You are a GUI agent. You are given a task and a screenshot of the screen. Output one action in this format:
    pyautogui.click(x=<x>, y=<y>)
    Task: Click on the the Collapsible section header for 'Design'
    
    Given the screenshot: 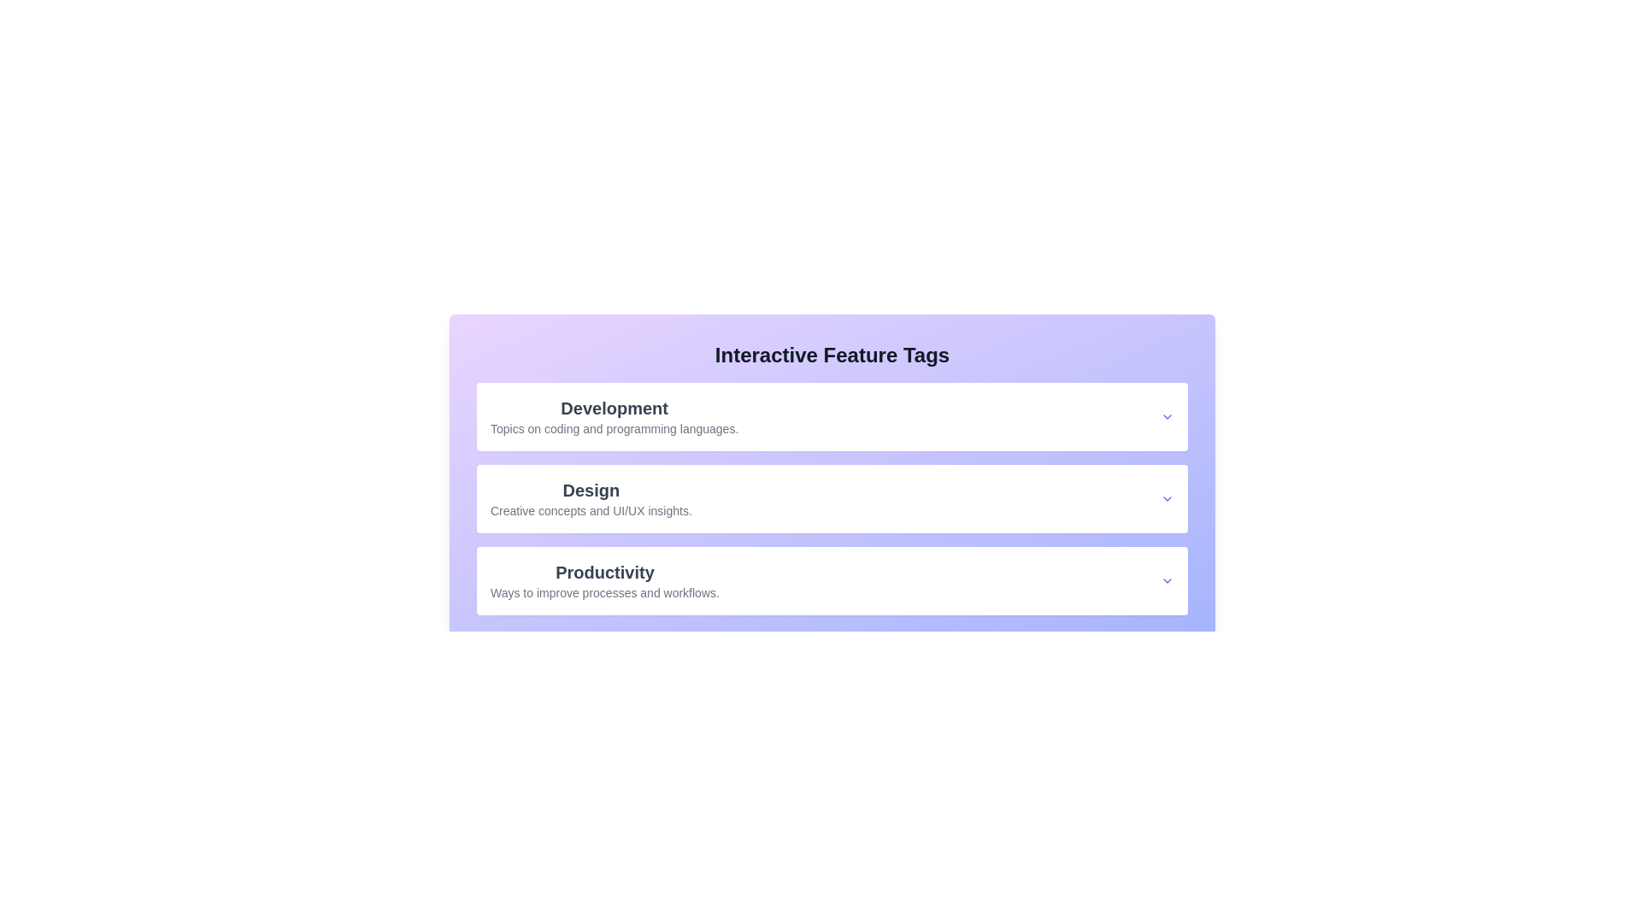 What is the action you would take?
    pyautogui.click(x=832, y=498)
    